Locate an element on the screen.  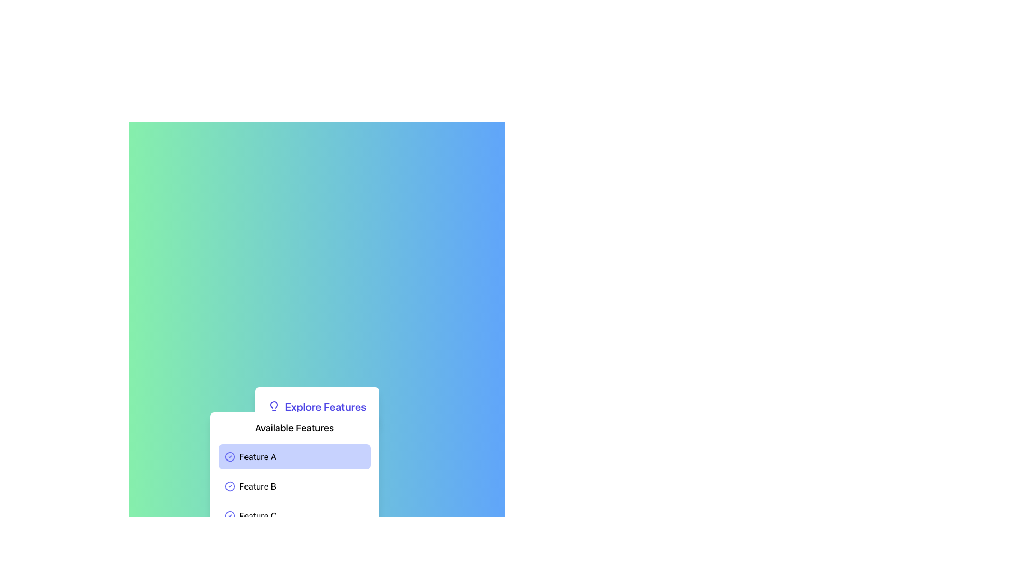
the 'Explore Features' button, which features a lightbulb icon and bold blue text is located at coordinates (316, 407).